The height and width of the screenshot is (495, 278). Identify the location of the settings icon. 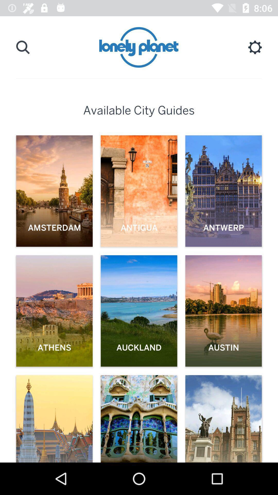
(255, 47).